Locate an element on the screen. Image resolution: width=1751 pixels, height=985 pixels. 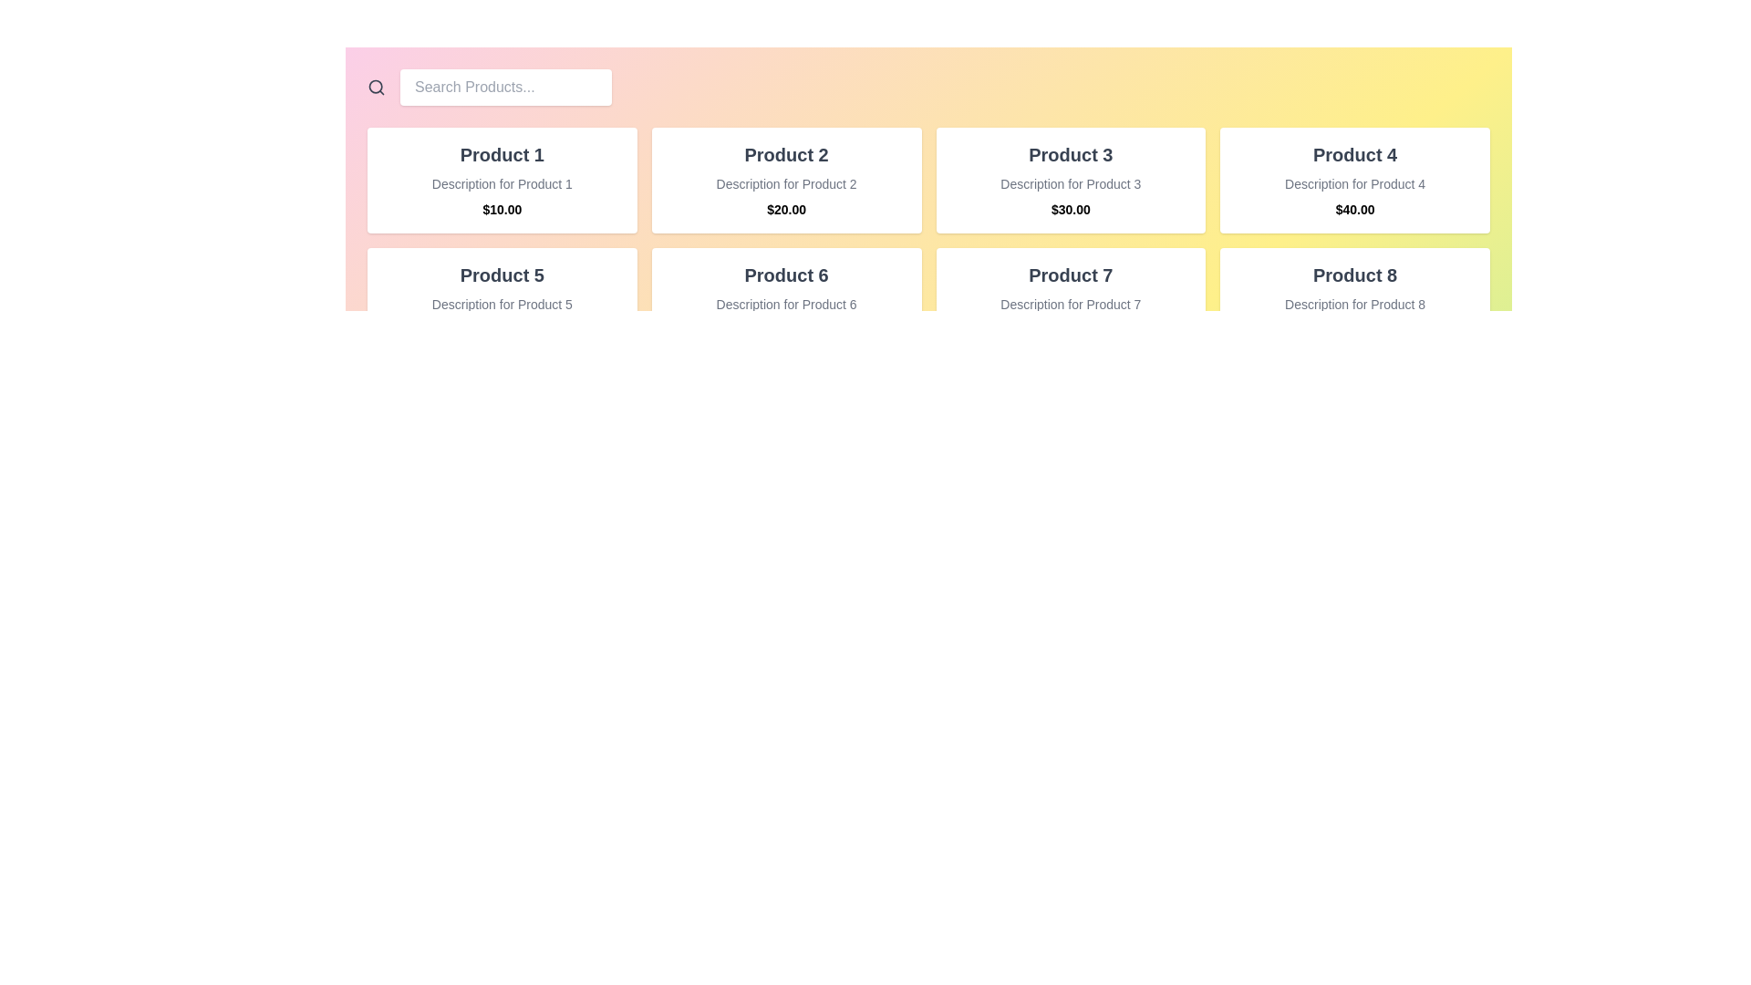
the text label displaying '$20.00', which is located beneath the description text for 'Product 2' in its card is located at coordinates (786, 209).